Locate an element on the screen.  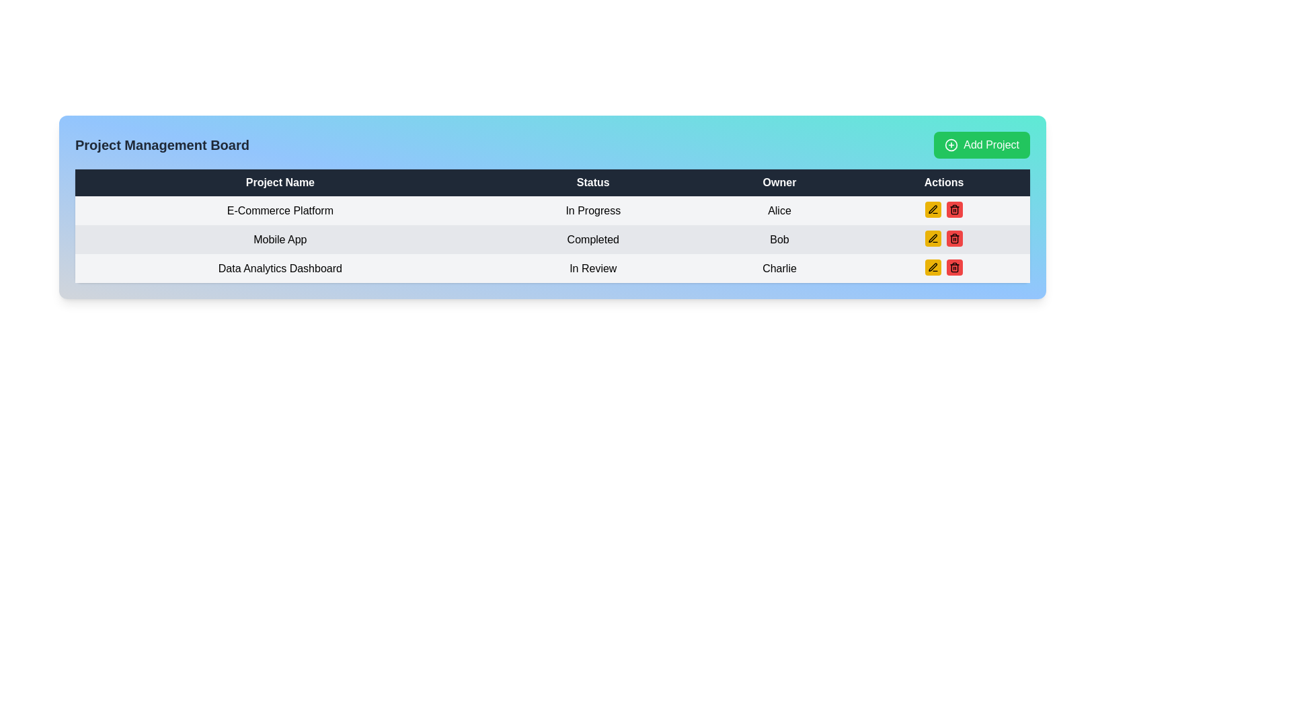
the small rectangular yellow button with a pen icon in the Actions column for the row associated with 'Alice' is located at coordinates (932, 210).